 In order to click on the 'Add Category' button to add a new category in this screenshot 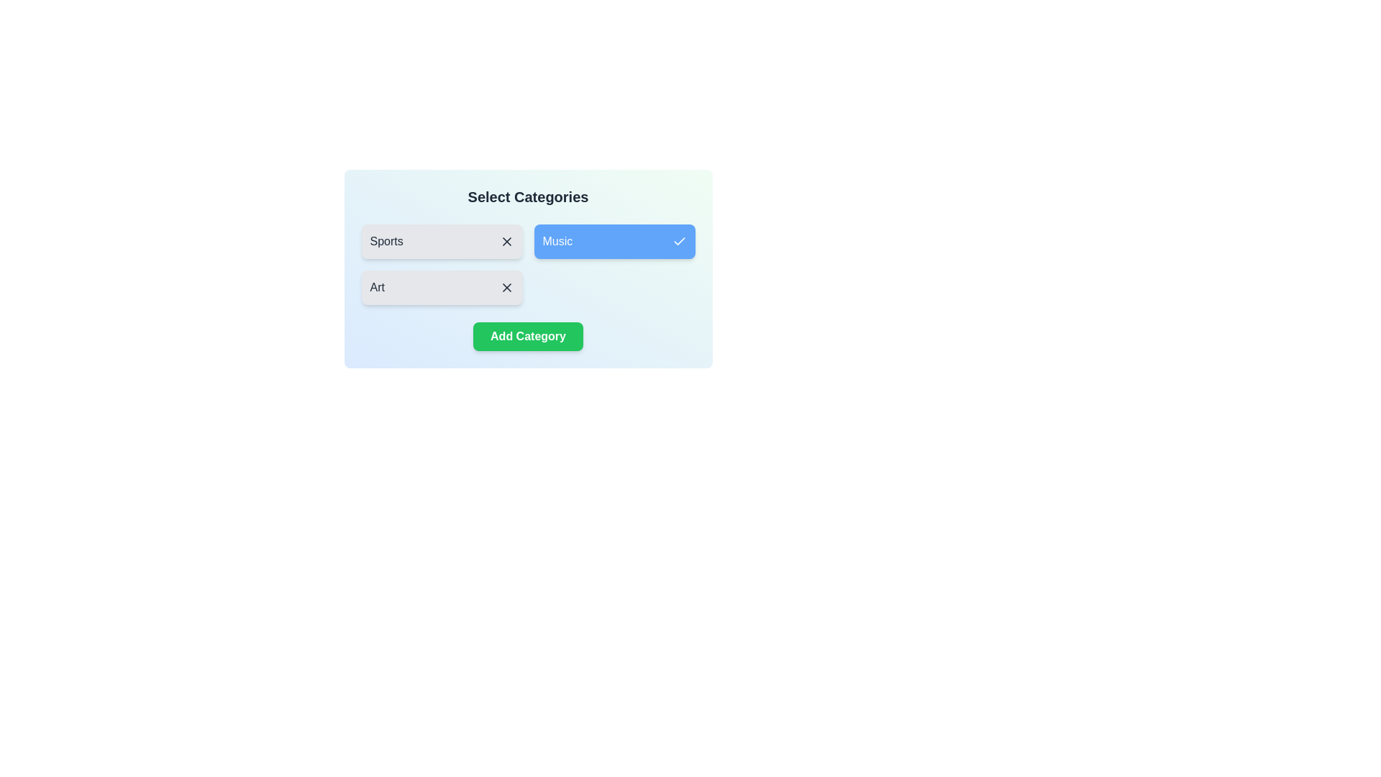, I will do `click(527, 336)`.